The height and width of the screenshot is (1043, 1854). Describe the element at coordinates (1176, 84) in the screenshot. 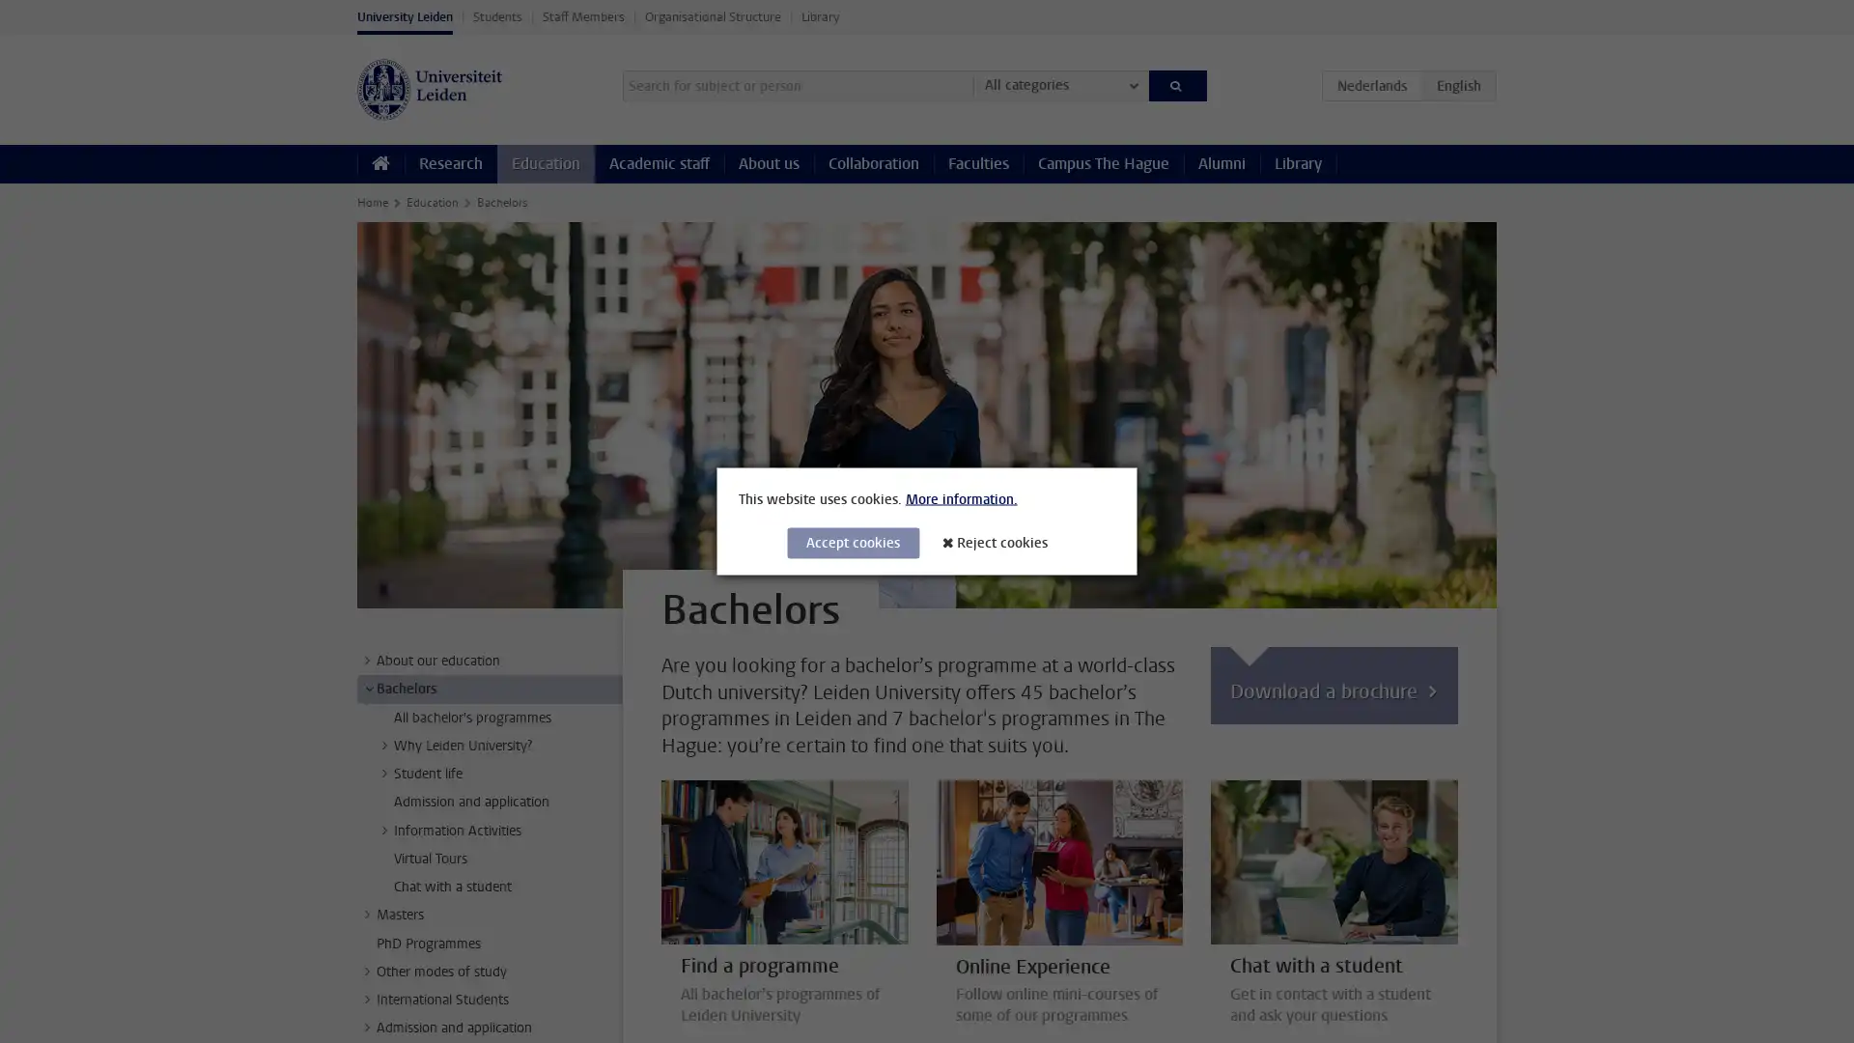

I see `Search` at that location.